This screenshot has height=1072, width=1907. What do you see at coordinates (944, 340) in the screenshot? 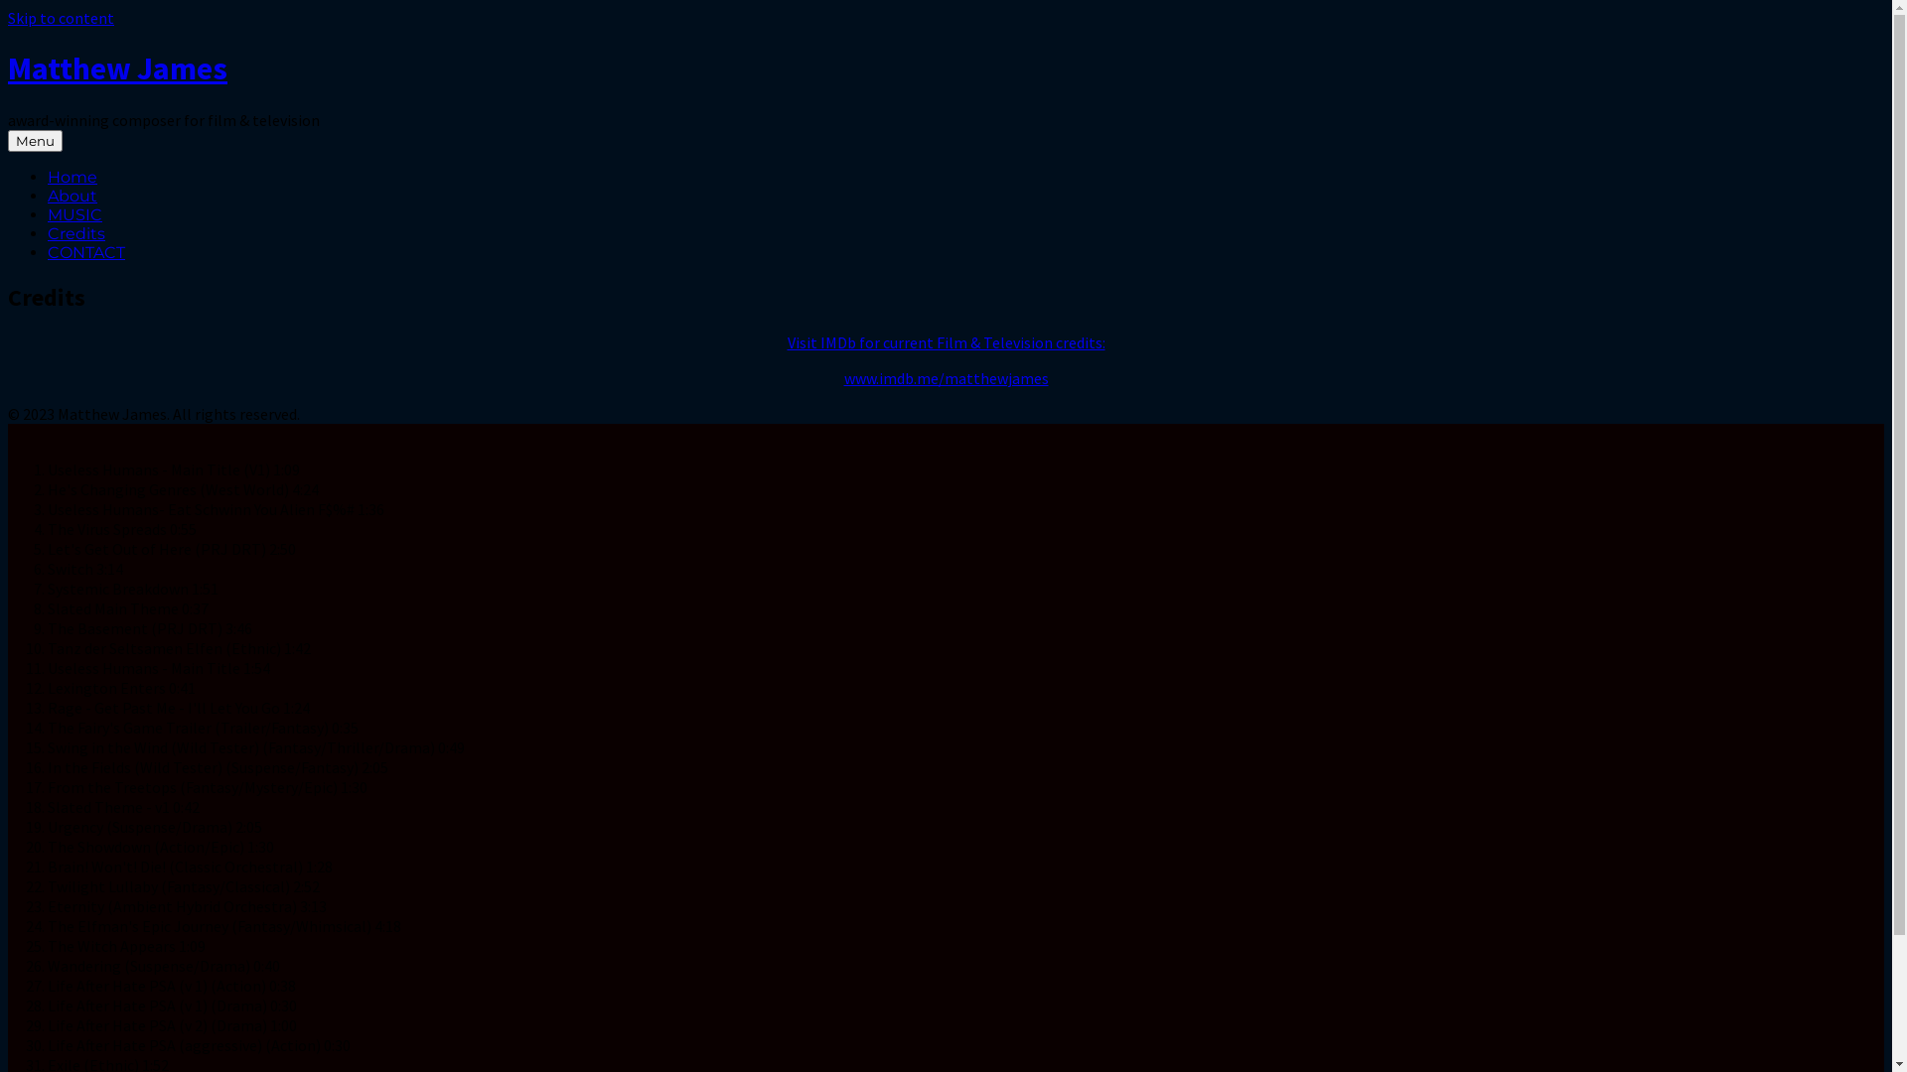
I see `'Visit IMDb for current Film & Television credits:'` at bounding box center [944, 340].